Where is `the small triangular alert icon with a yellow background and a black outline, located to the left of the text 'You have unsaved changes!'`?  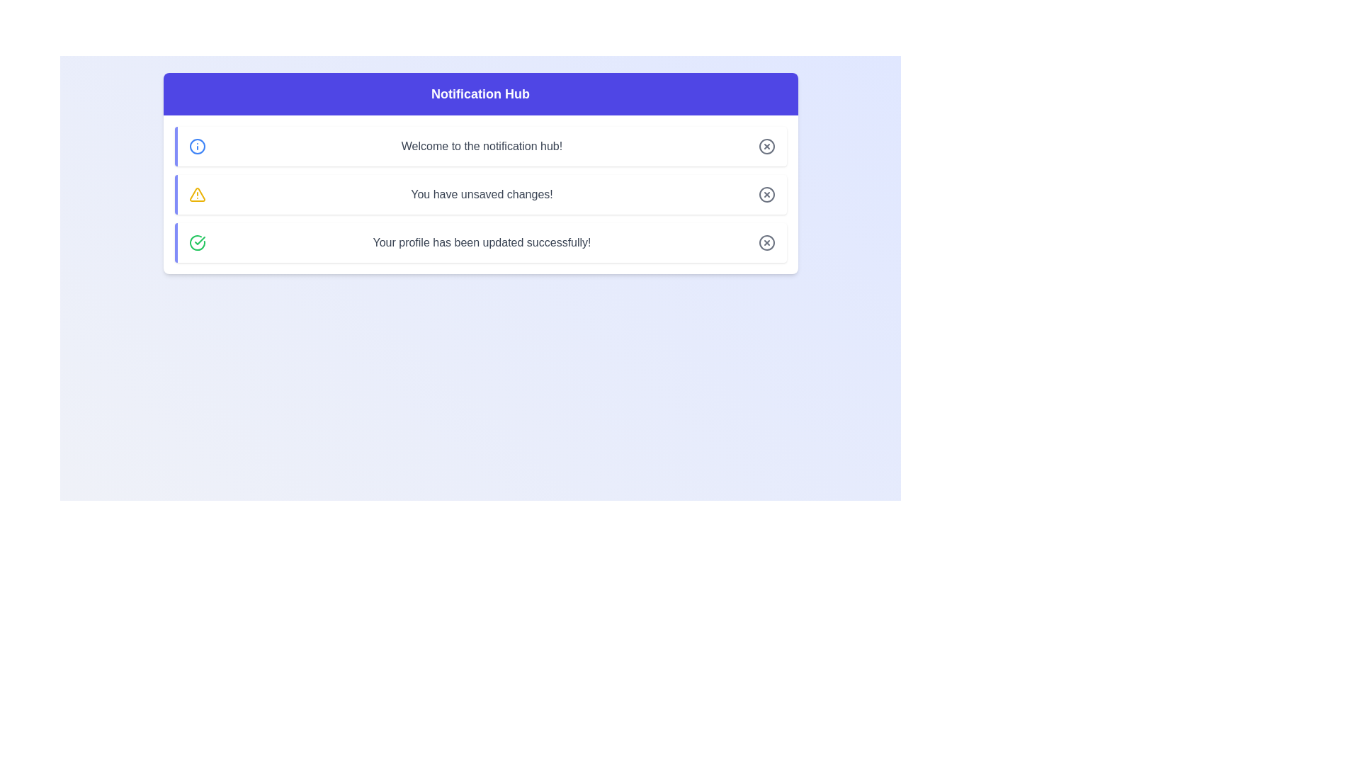
the small triangular alert icon with a yellow background and a black outline, located to the left of the text 'You have unsaved changes!' is located at coordinates (196, 194).